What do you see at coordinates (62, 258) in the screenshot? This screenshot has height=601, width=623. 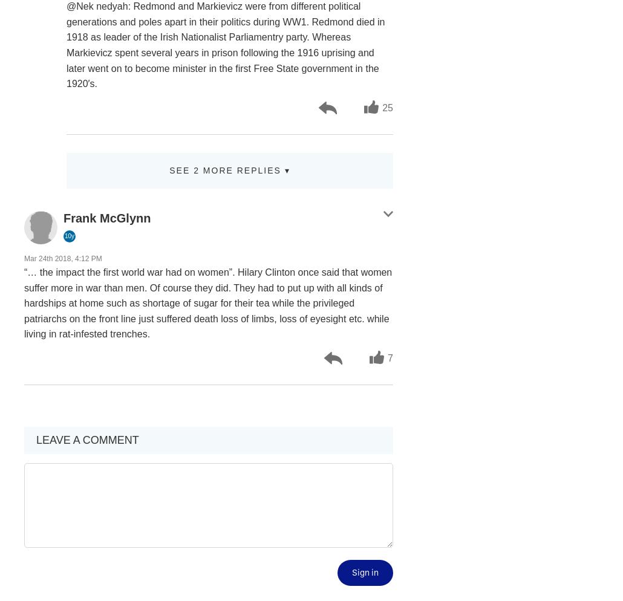 I see `'Mar 24th 2018, 4:12 PM'` at bounding box center [62, 258].